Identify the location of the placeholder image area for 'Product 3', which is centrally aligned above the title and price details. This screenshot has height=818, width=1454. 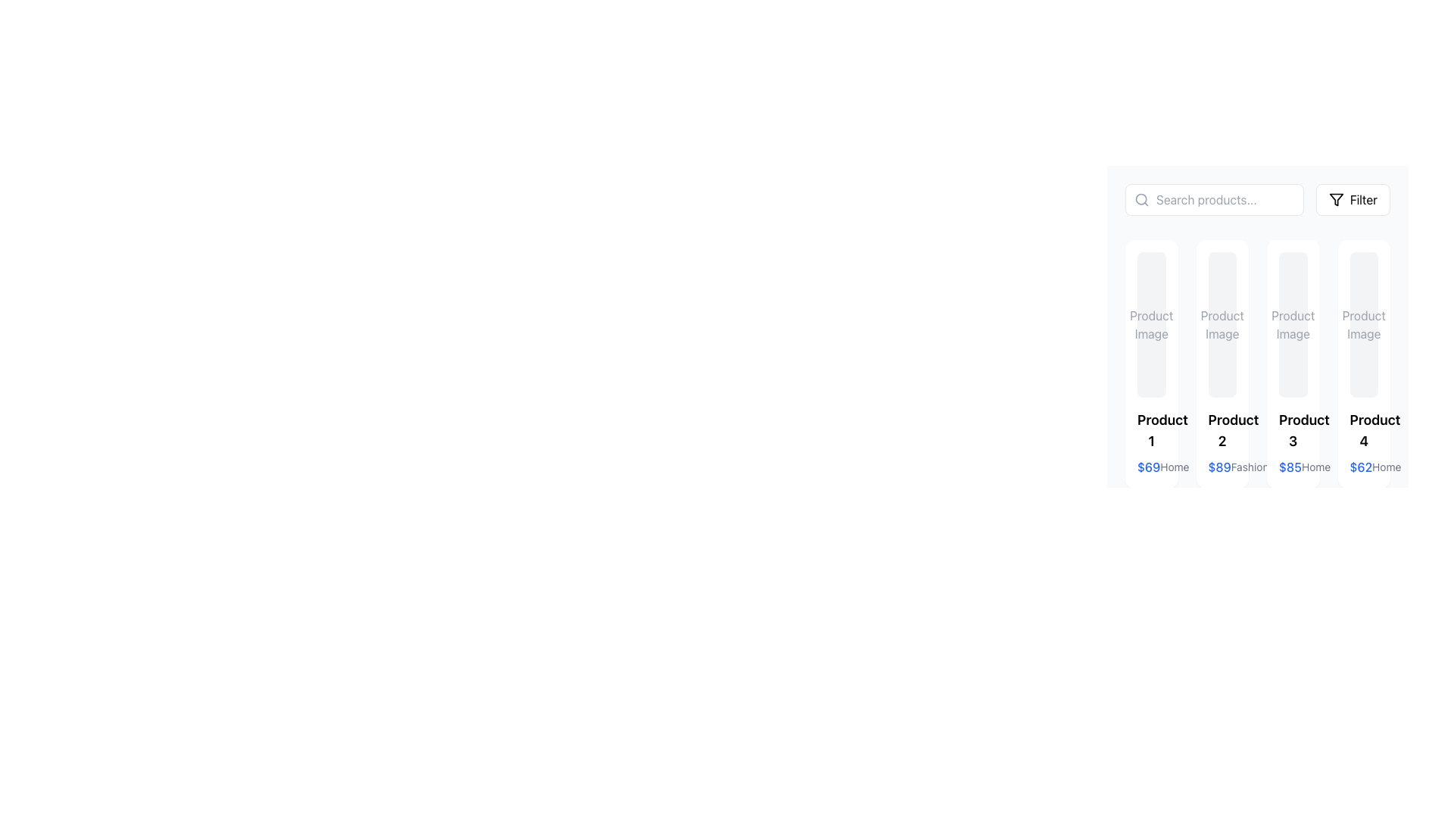
(1292, 323).